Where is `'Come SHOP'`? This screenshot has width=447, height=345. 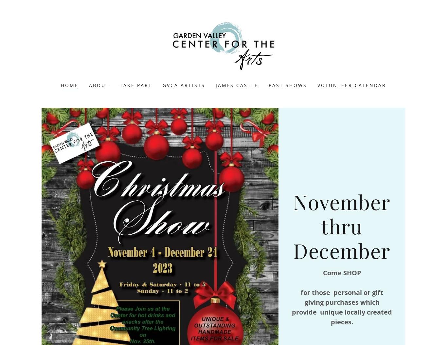
'Come SHOP' is located at coordinates (341, 272).